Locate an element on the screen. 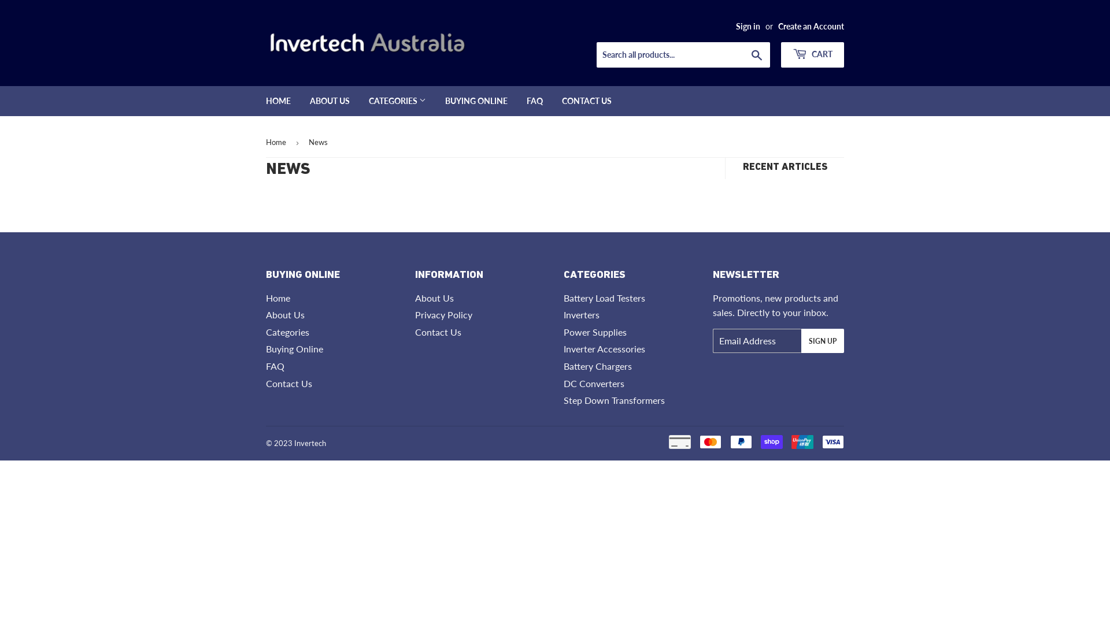  'Step Down Transformers' is located at coordinates (613, 399).